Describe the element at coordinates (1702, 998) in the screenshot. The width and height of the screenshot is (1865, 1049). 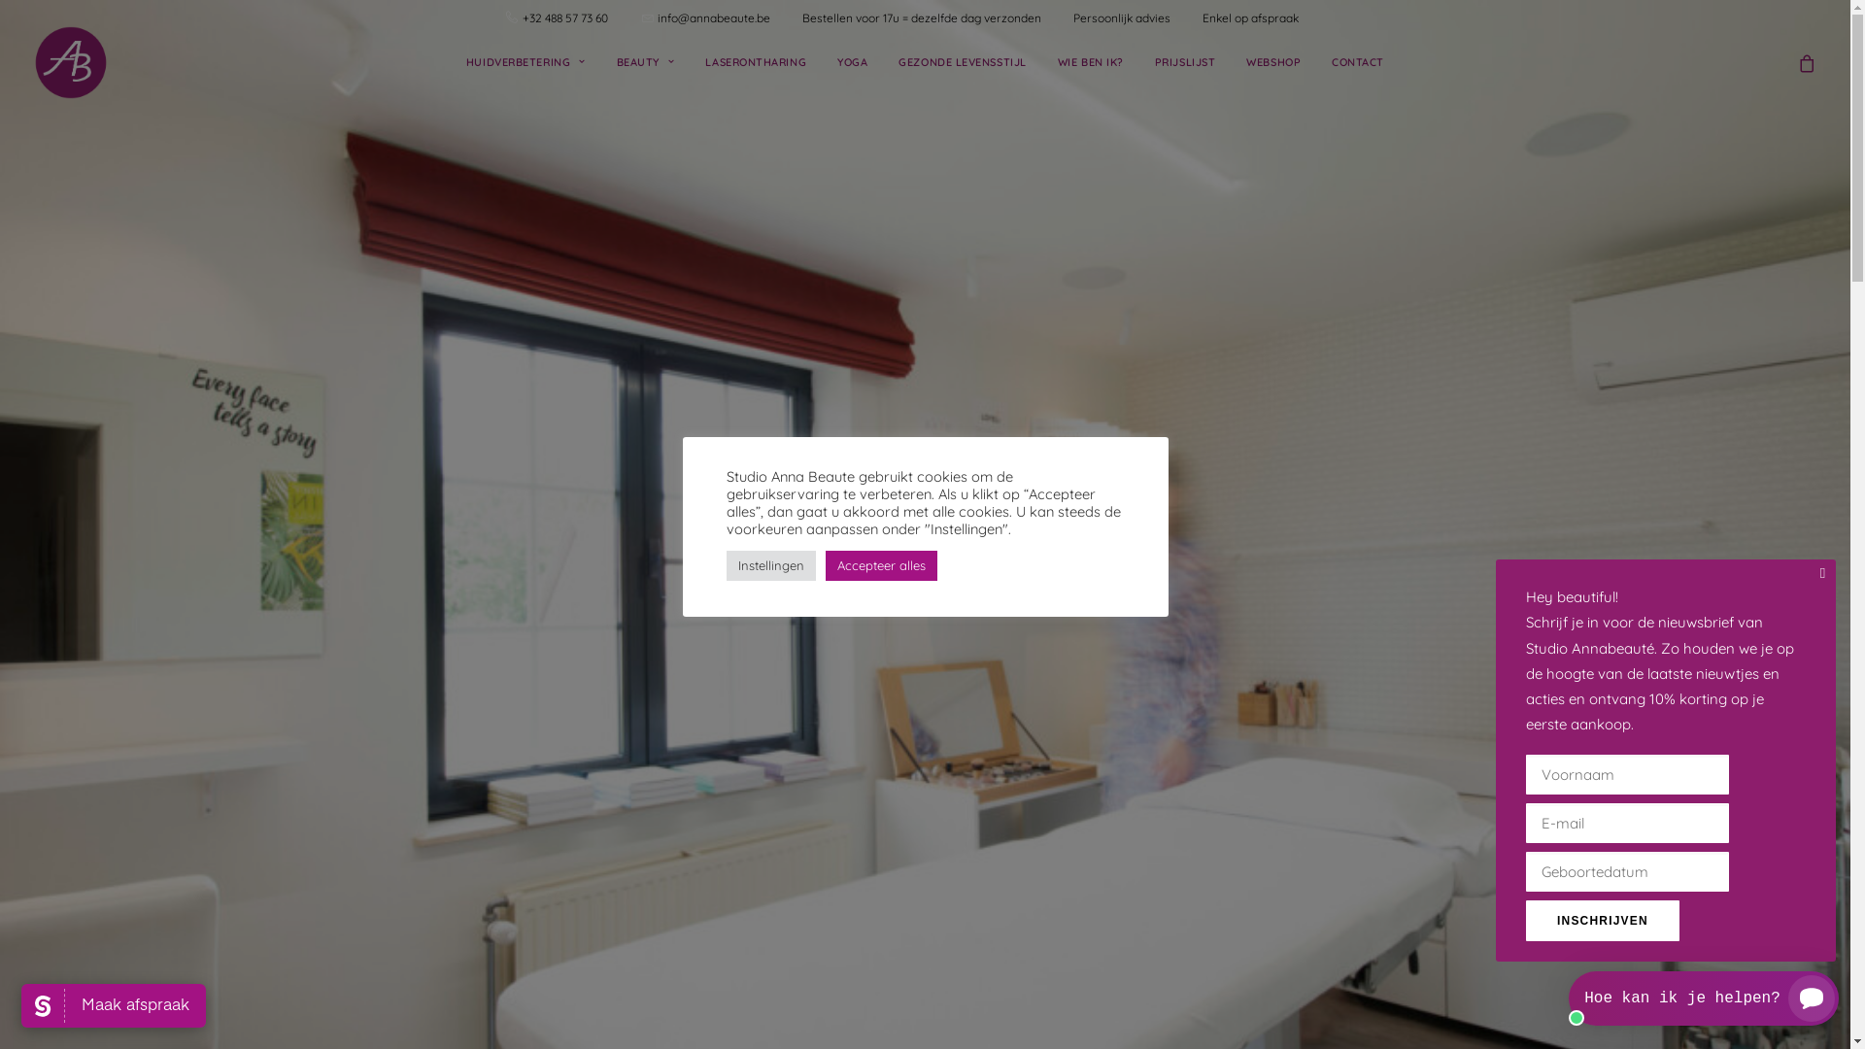
I see `'Smartsupp widget button'` at that location.